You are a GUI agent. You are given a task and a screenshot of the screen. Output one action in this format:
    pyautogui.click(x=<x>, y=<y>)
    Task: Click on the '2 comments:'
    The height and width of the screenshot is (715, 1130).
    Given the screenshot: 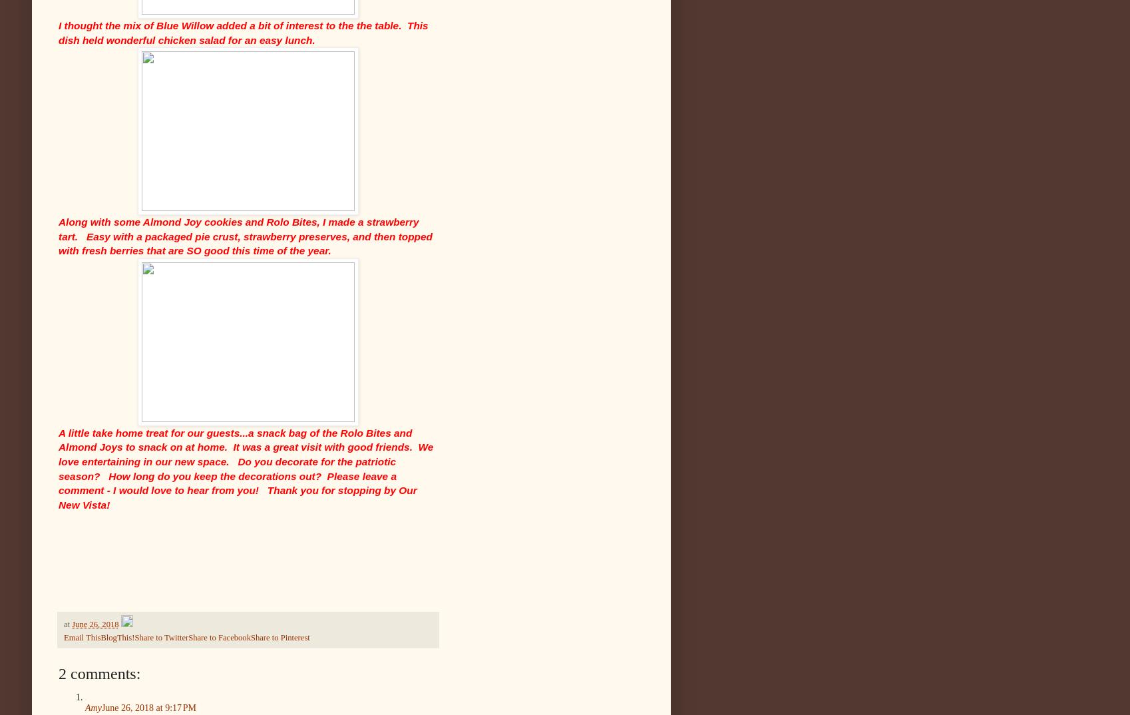 What is the action you would take?
    pyautogui.click(x=57, y=672)
    